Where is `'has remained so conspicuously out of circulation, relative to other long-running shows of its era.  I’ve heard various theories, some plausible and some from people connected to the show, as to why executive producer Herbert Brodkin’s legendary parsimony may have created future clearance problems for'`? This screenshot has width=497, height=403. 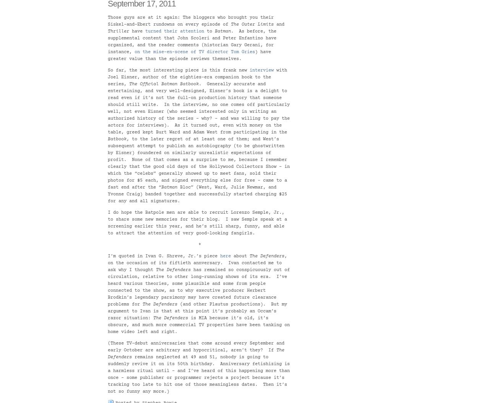
'has remained so conspicuously out of circulation, relative to other long-running shows of its era.  I’ve heard various theories, some plausible and some from people connected to the show, as to why executive producer Herbert Brodkin’s legendary parsimony may have created future clearance problems for' is located at coordinates (199, 287).